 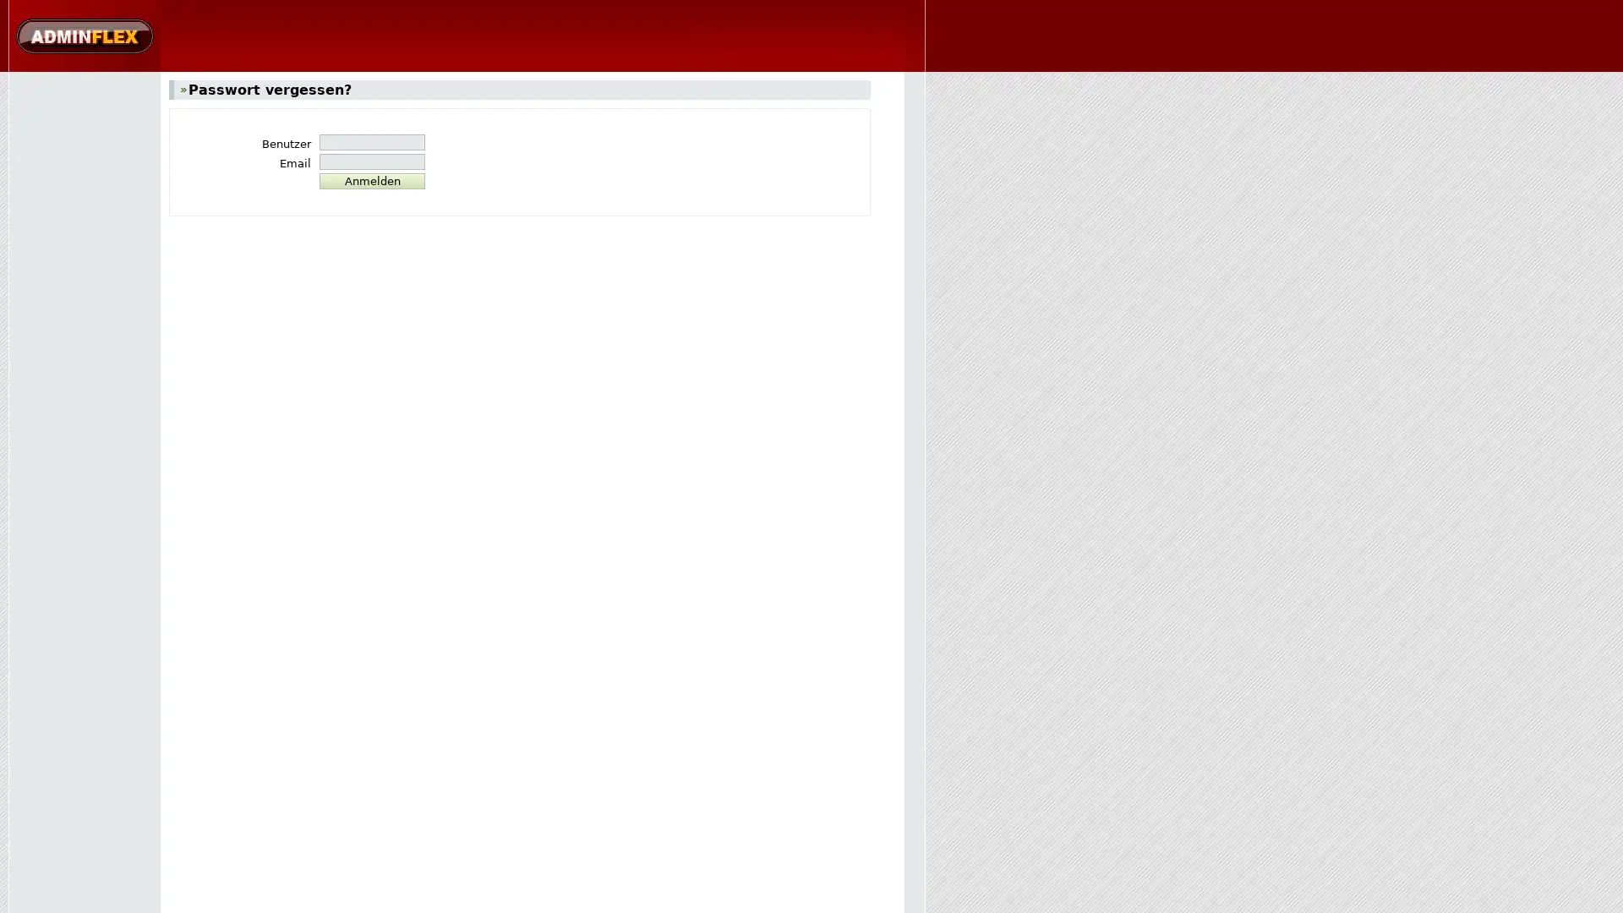 I want to click on Anmelden, so click(x=371, y=181).